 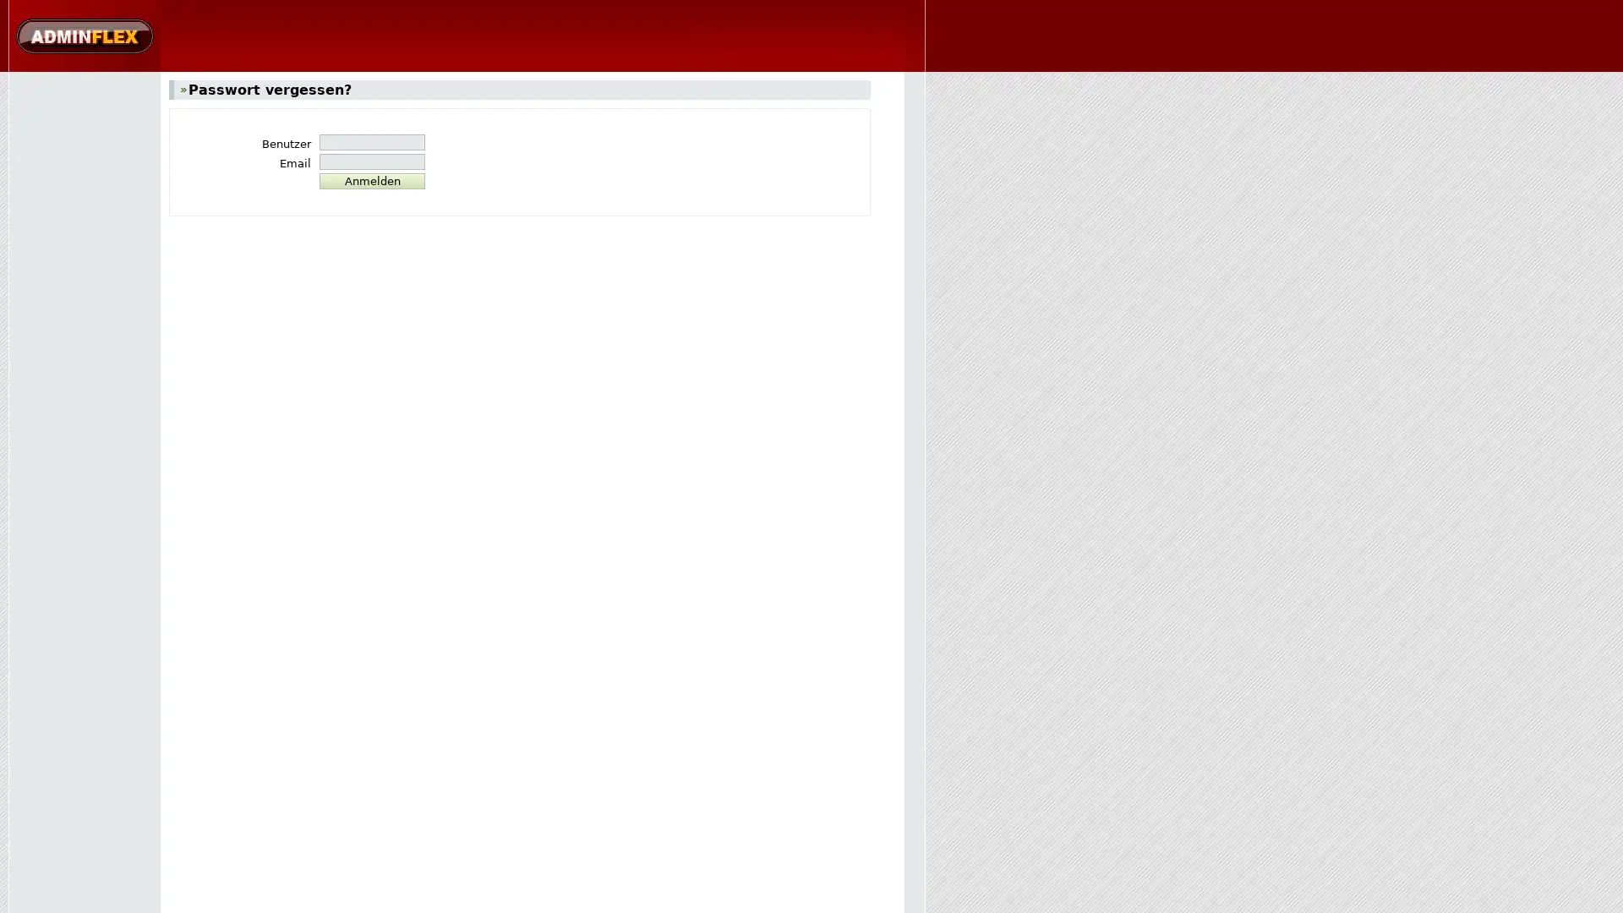 I want to click on Anmelden, so click(x=371, y=181).